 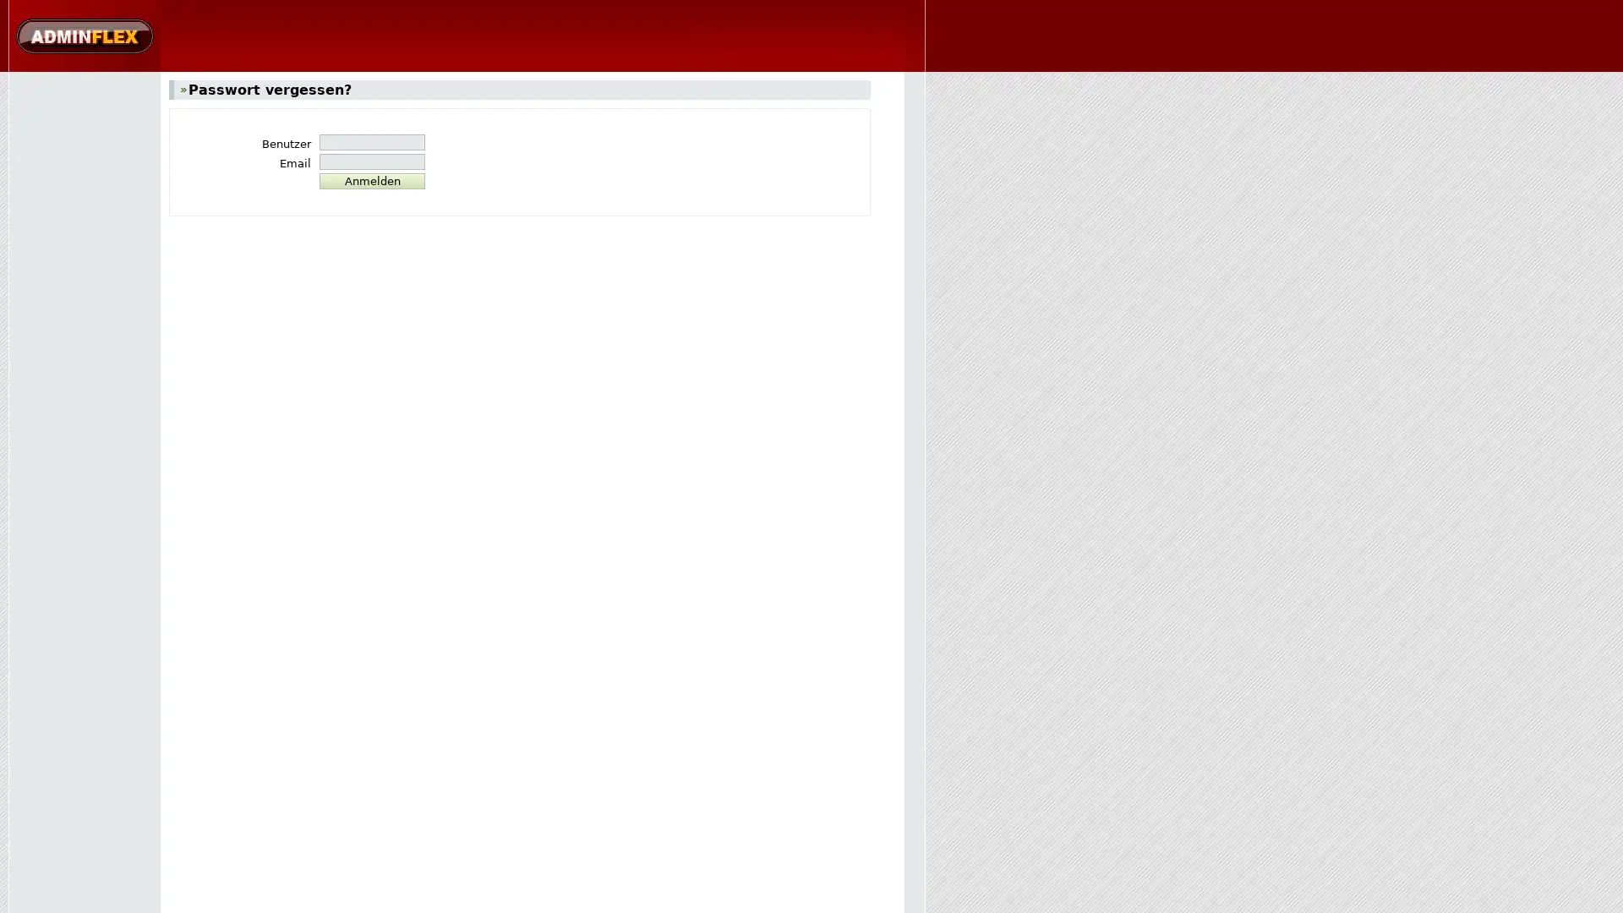 I want to click on Anmelden, so click(x=371, y=181).